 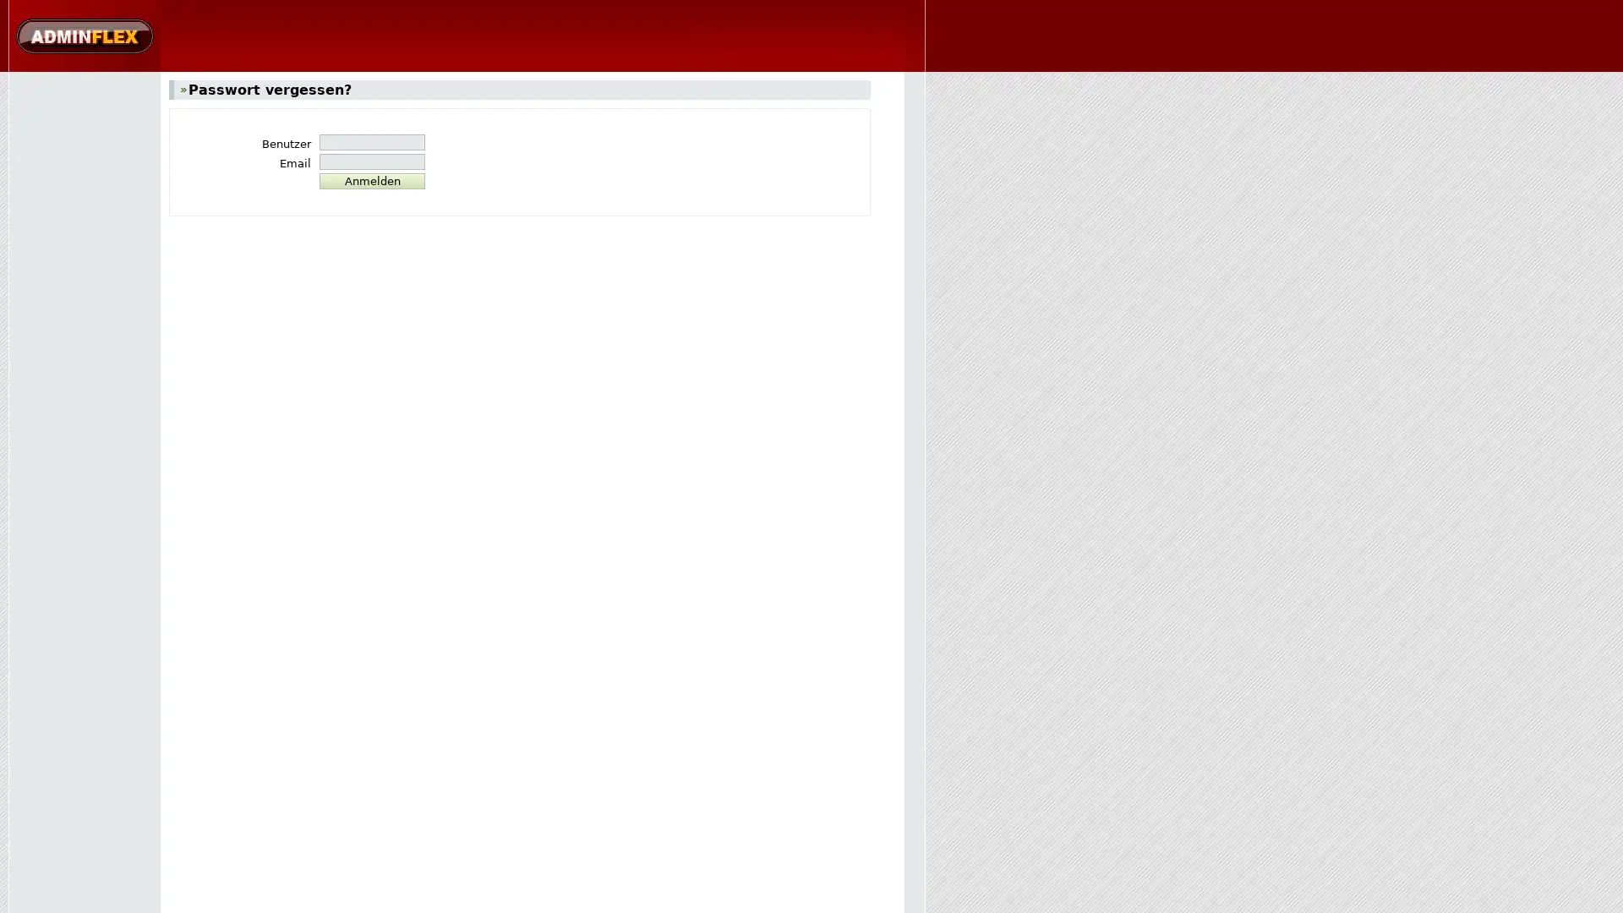 I want to click on Anmelden, so click(x=371, y=181).